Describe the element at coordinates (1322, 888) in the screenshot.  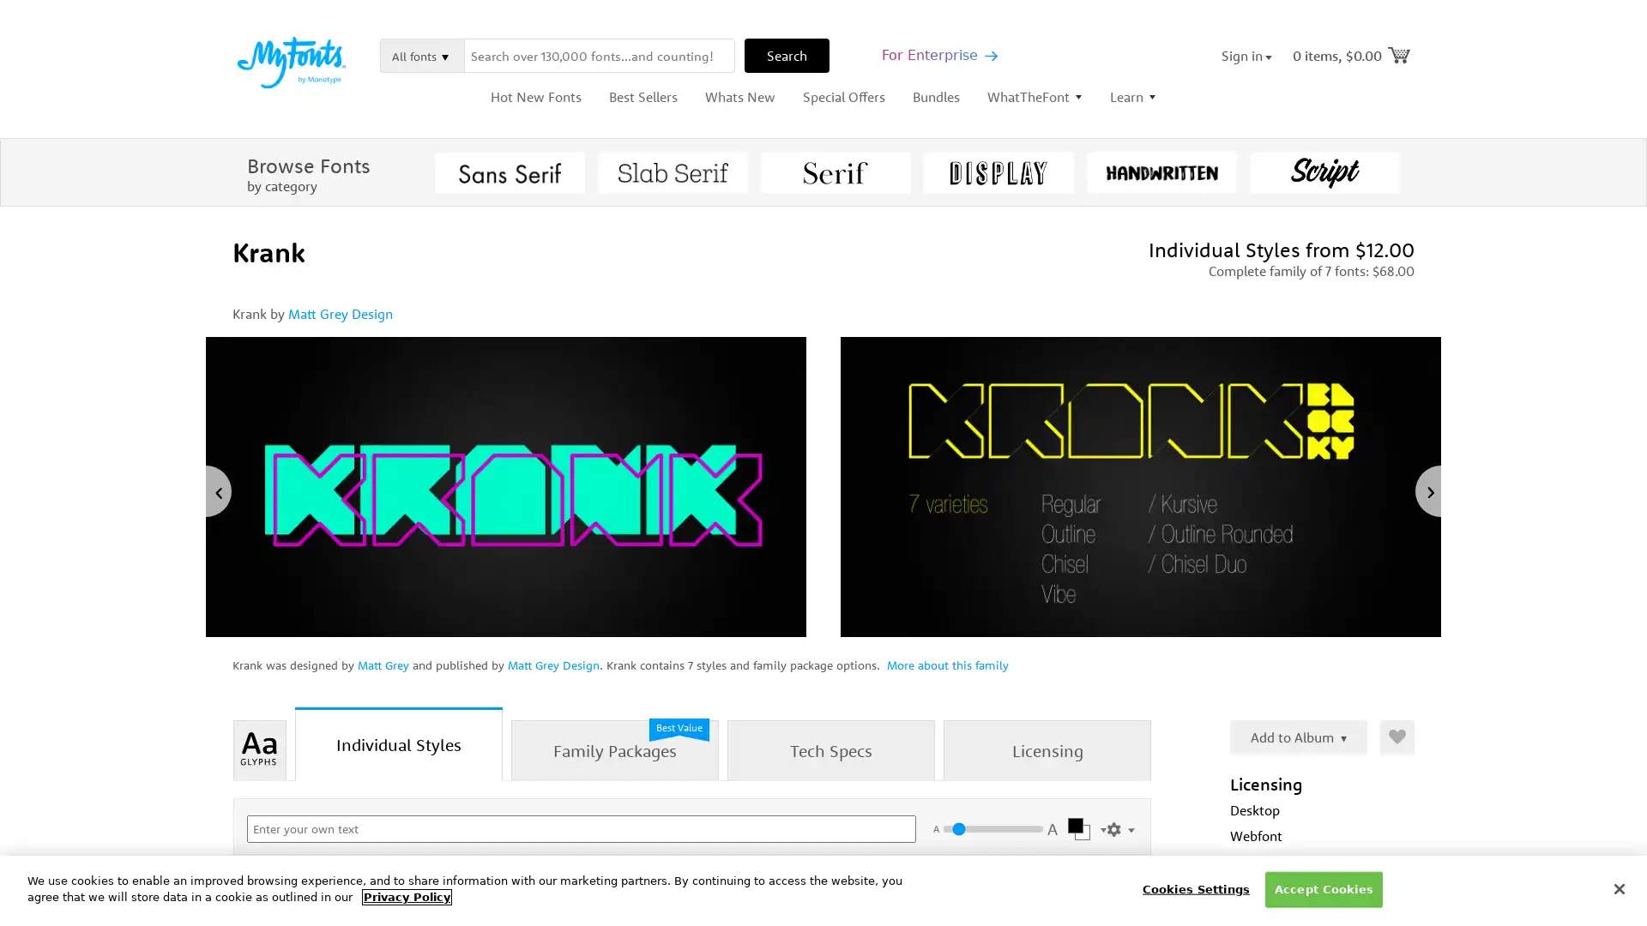
I see `Accept Cookies` at that location.